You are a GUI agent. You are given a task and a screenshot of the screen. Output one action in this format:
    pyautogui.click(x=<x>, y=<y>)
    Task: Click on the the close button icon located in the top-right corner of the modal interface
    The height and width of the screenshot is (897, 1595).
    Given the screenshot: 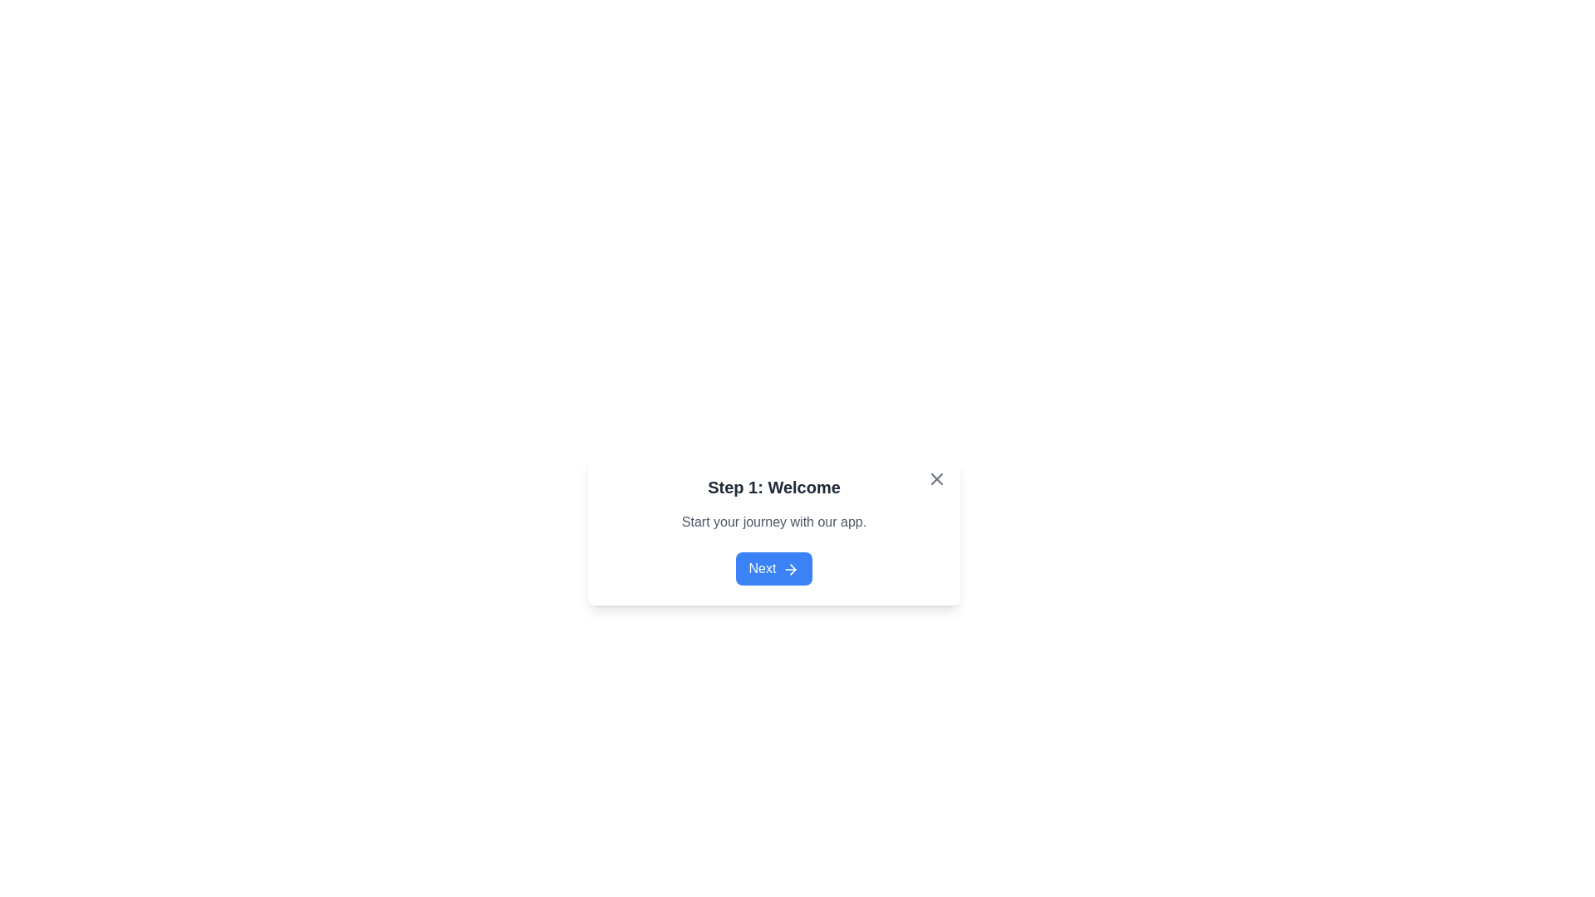 What is the action you would take?
    pyautogui.click(x=937, y=479)
    